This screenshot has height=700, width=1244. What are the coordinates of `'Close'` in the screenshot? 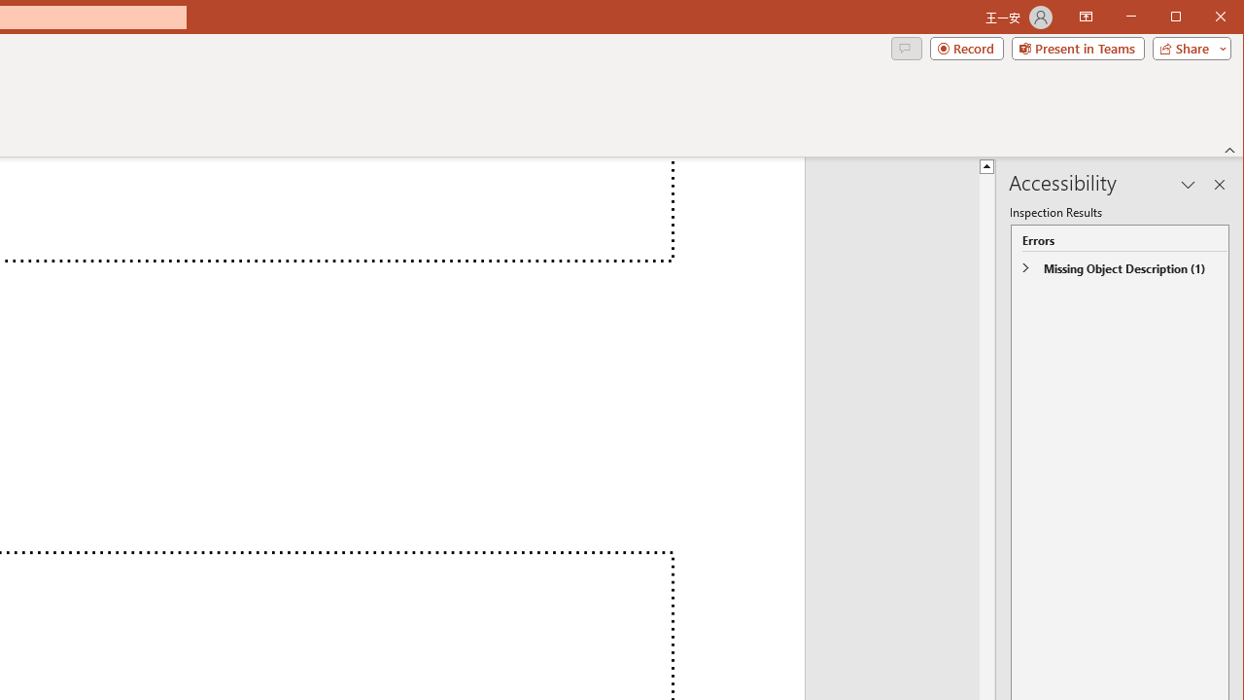 It's located at (1225, 18).